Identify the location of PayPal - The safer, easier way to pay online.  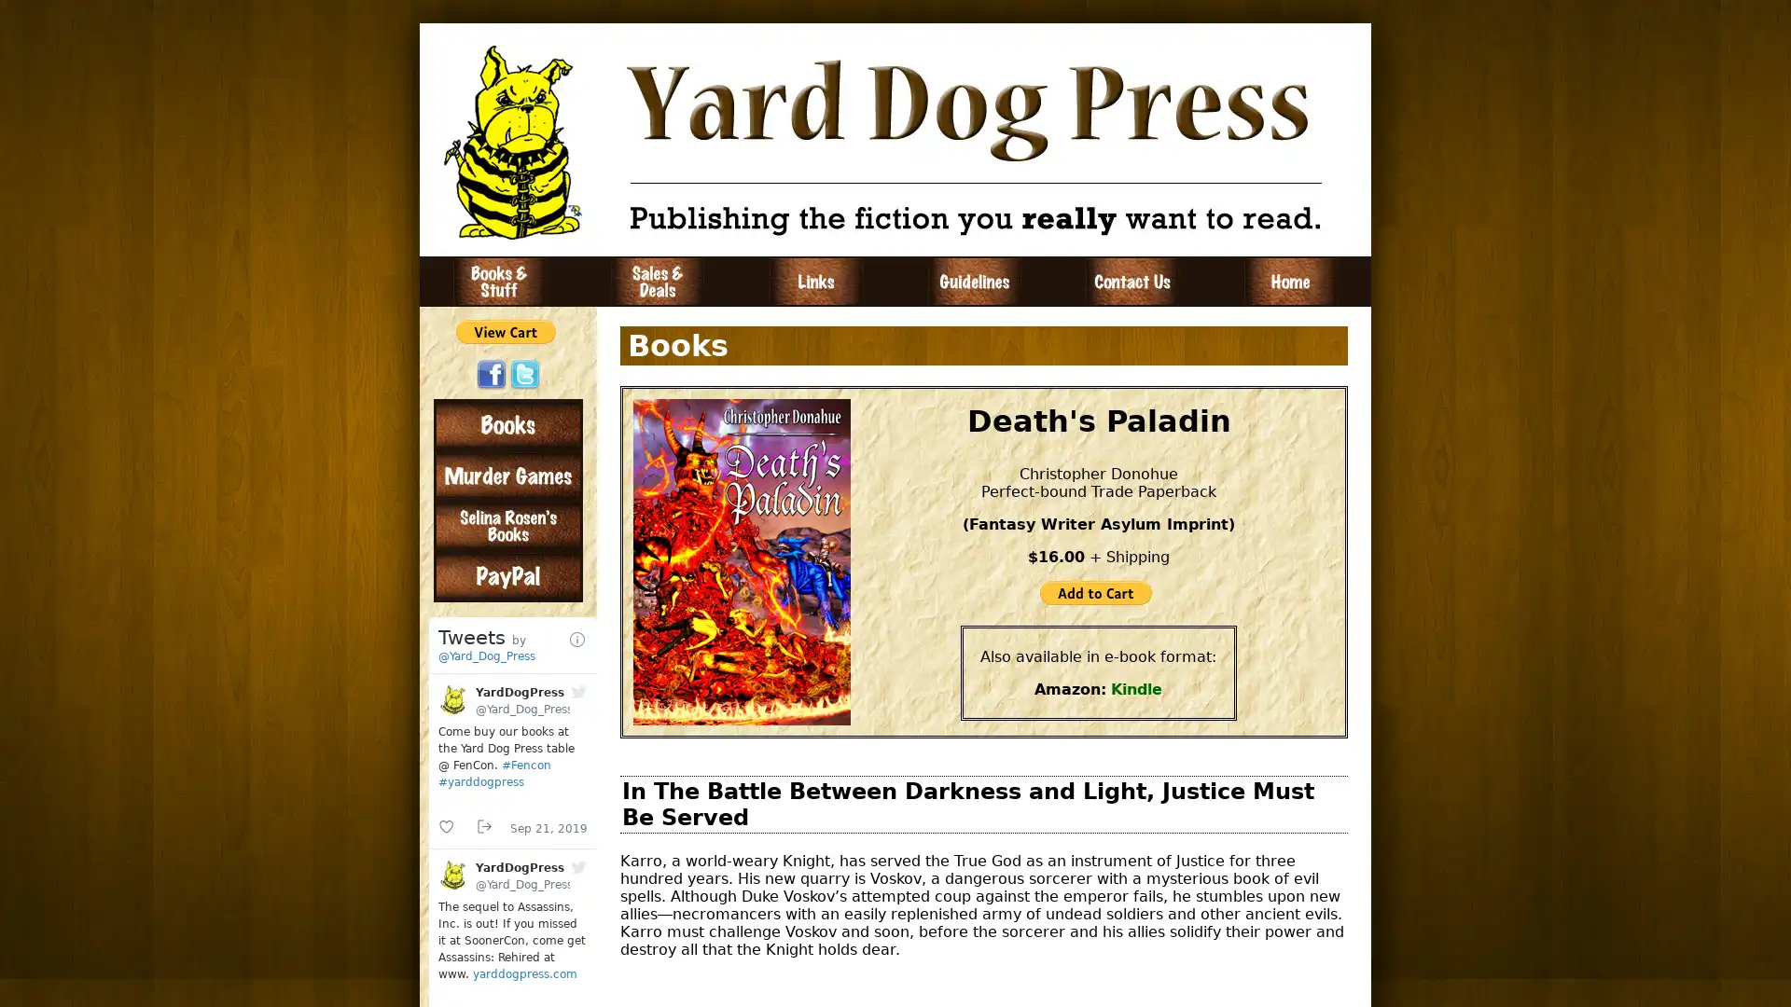
(506, 330).